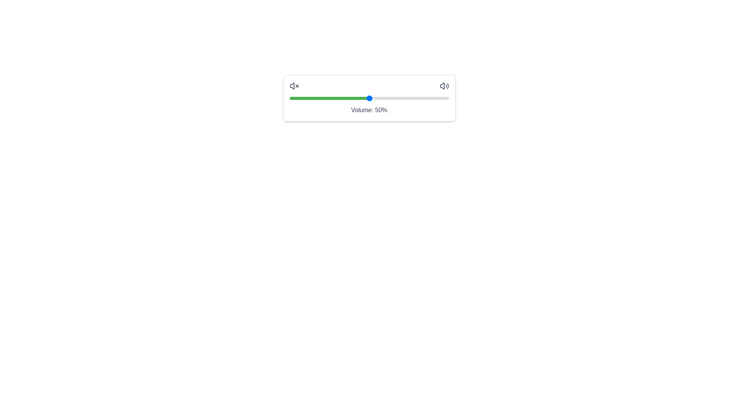 The width and height of the screenshot is (739, 415). I want to click on sound control bar element that contains the sound-off icon on the left and the sound-on icon on the right for debugging purposes, so click(369, 86).